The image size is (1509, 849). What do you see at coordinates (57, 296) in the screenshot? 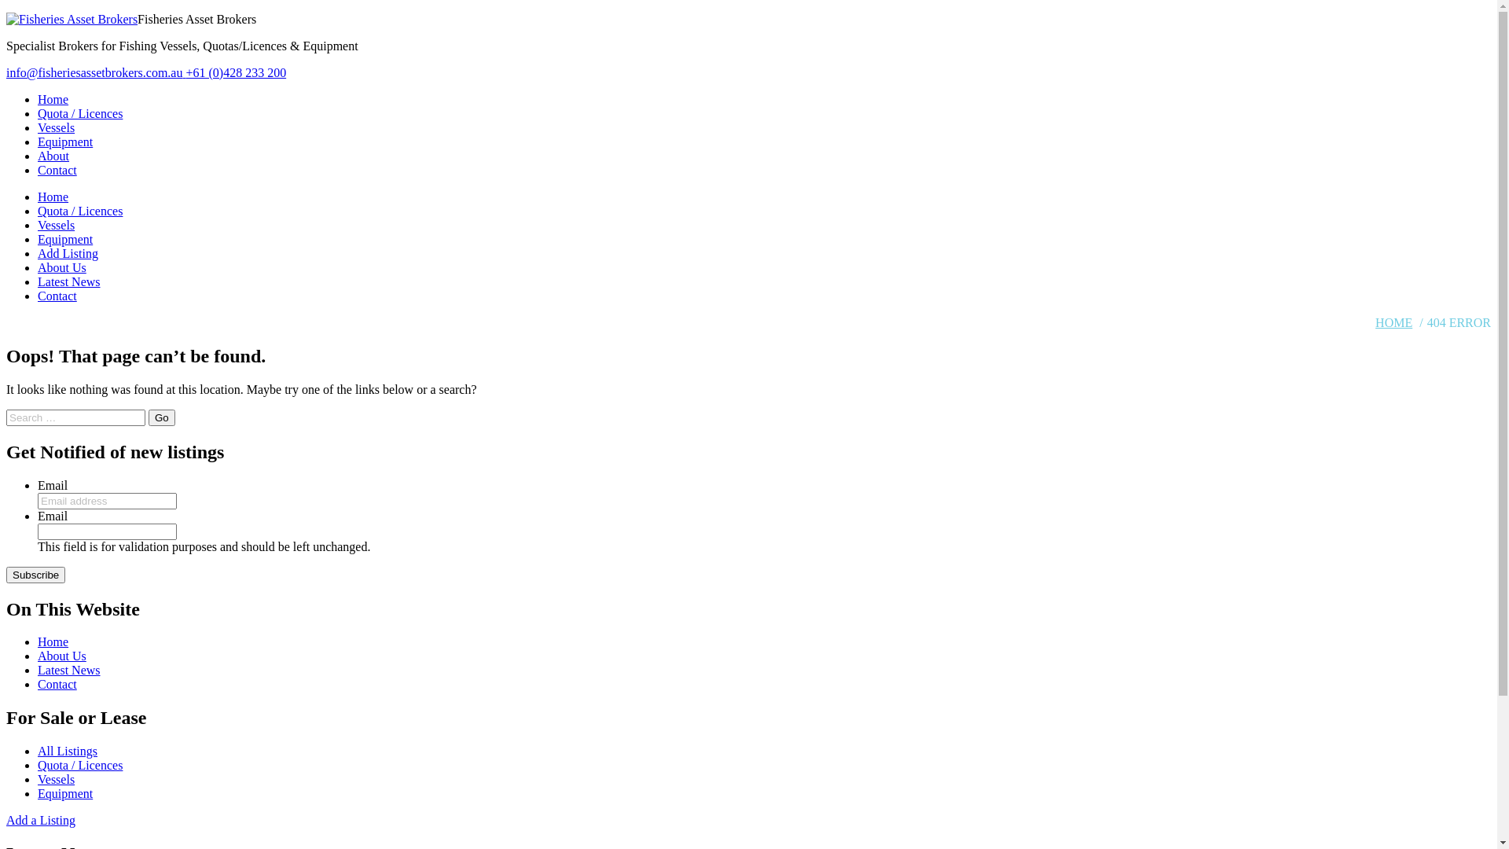
I see `'Contact'` at bounding box center [57, 296].